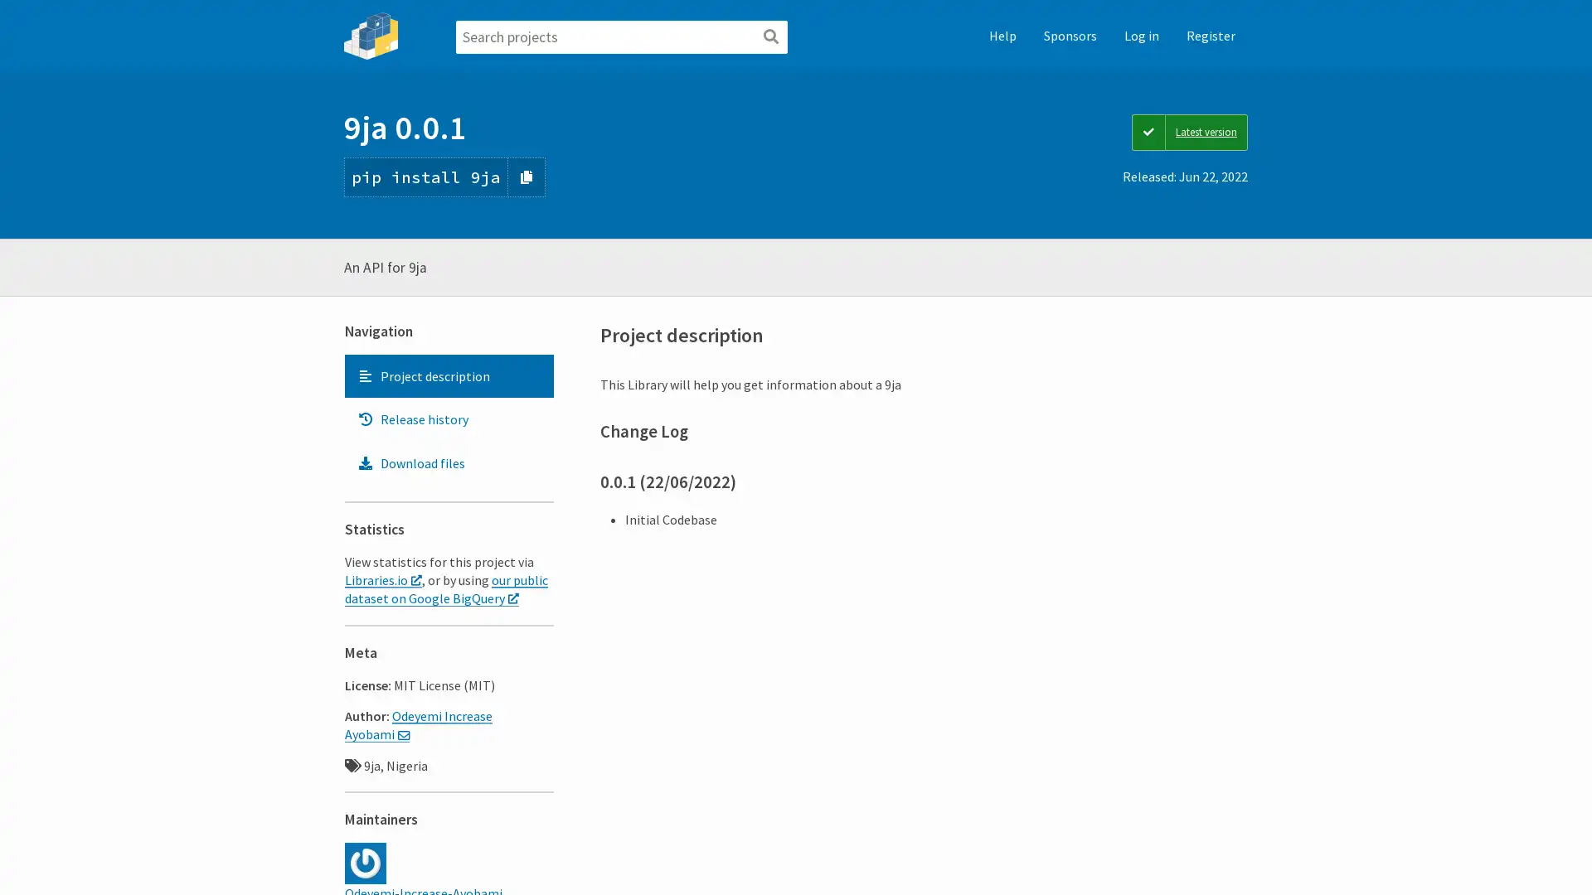 The height and width of the screenshot is (895, 1592). Describe the element at coordinates (770, 37) in the screenshot. I see `Search` at that location.